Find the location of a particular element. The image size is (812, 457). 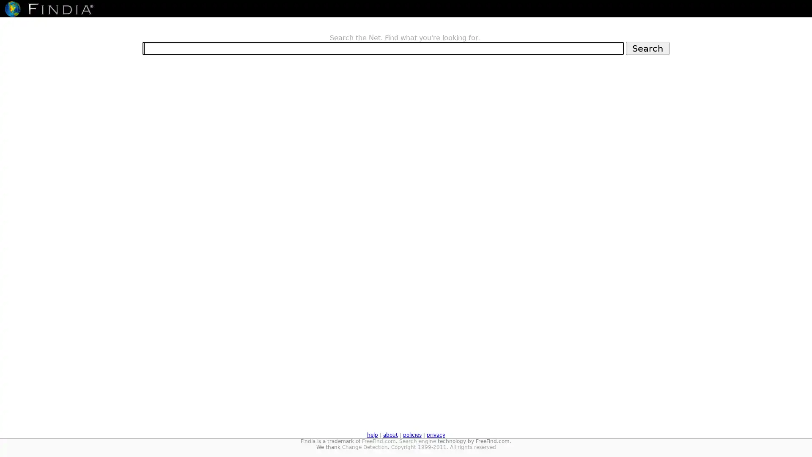

Search is located at coordinates (647, 48).